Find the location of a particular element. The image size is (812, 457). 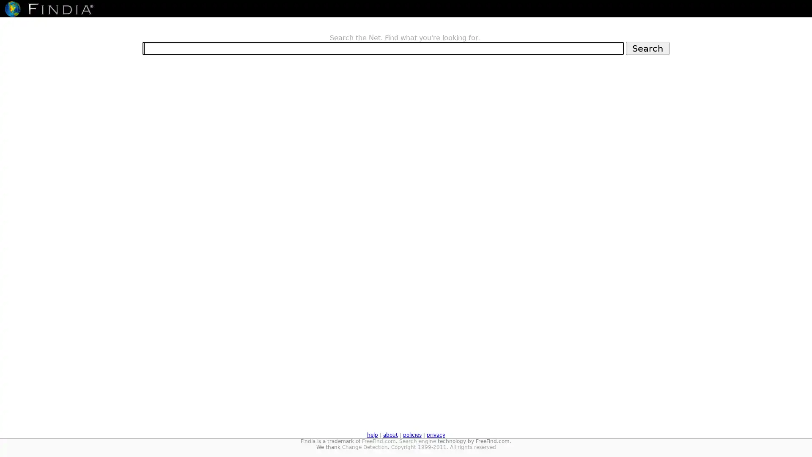

Search is located at coordinates (647, 48).